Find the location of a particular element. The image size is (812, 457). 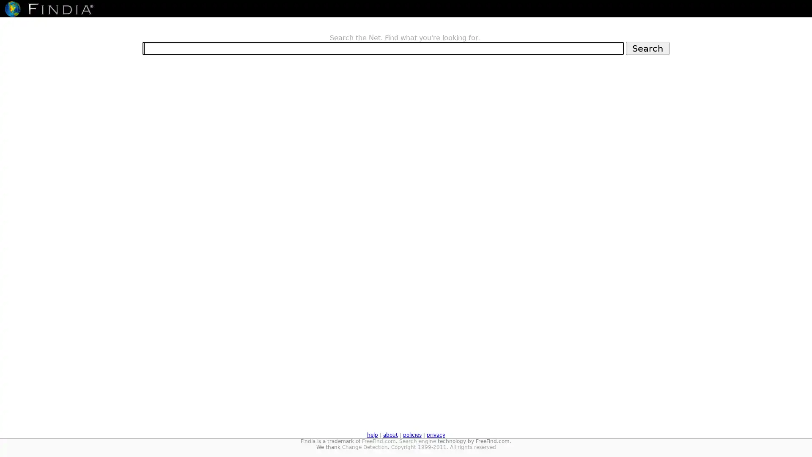

Search is located at coordinates (647, 48).